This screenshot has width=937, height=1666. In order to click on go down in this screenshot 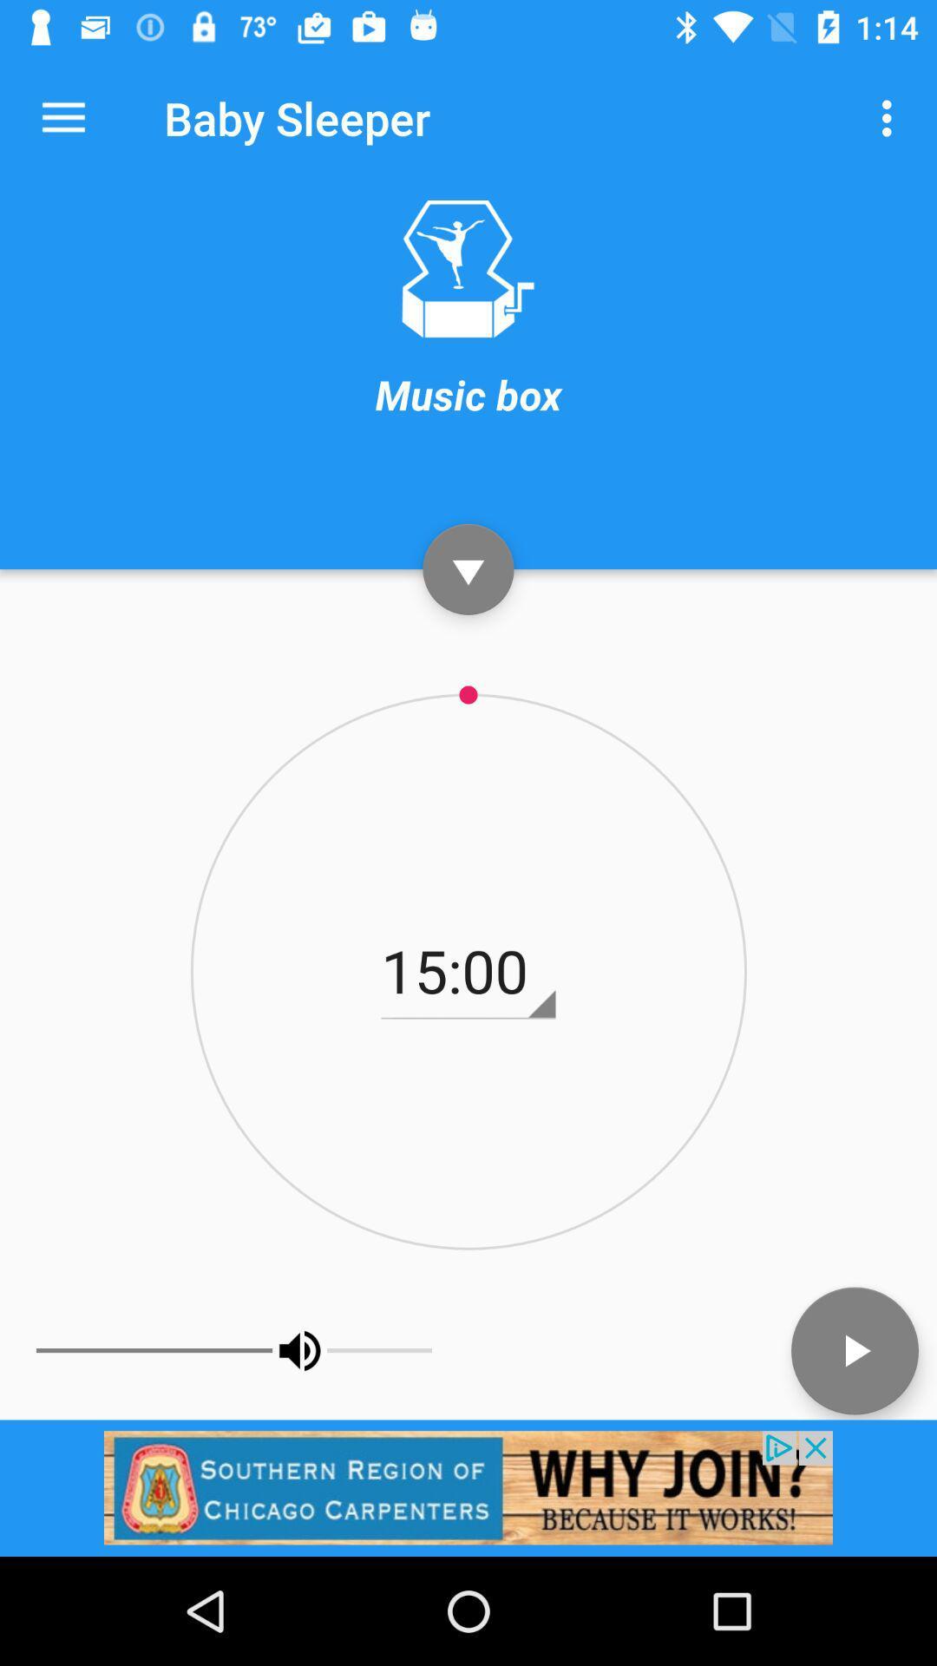, I will do `click(468, 569)`.